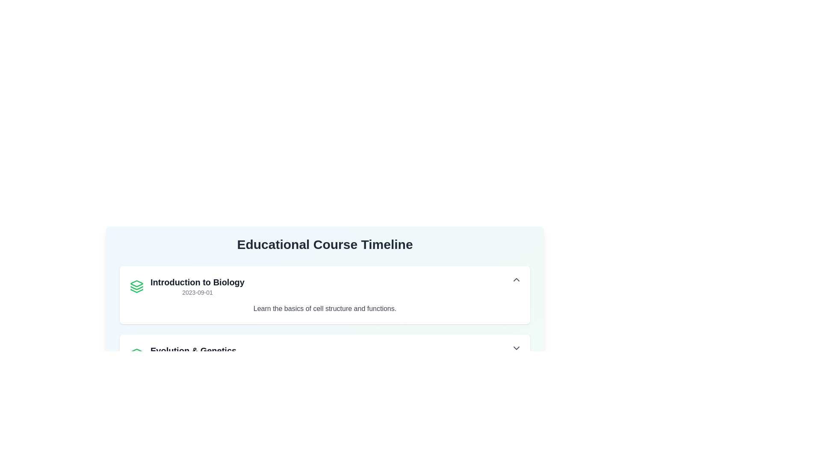 This screenshot has height=462, width=821. What do you see at coordinates (137, 284) in the screenshot?
I see `the stacked layers icon within the 'Introduction to Biology' card in the Educational Course Timeline section` at bounding box center [137, 284].